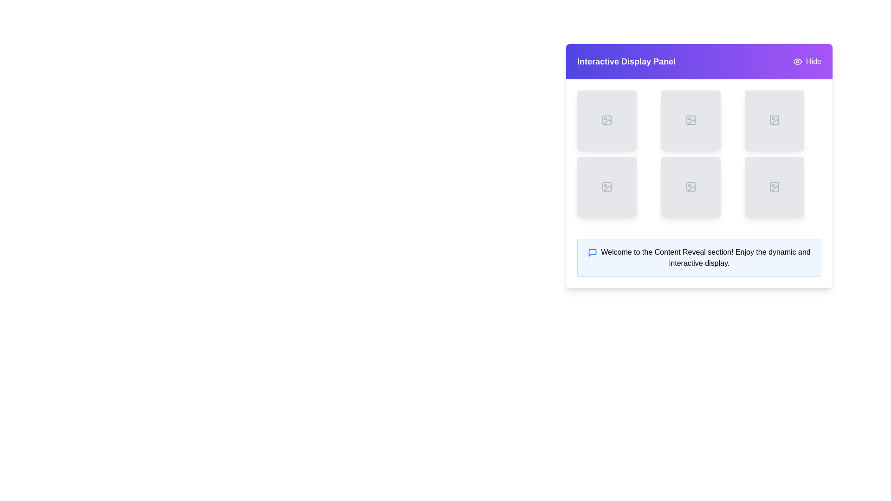 Image resolution: width=891 pixels, height=501 pixels. I want to click on the simplistic image icon with a gray square background located in the bottom-right square of the 3x2 grid within the 'Interactive Display Panel', so click(775, 186).